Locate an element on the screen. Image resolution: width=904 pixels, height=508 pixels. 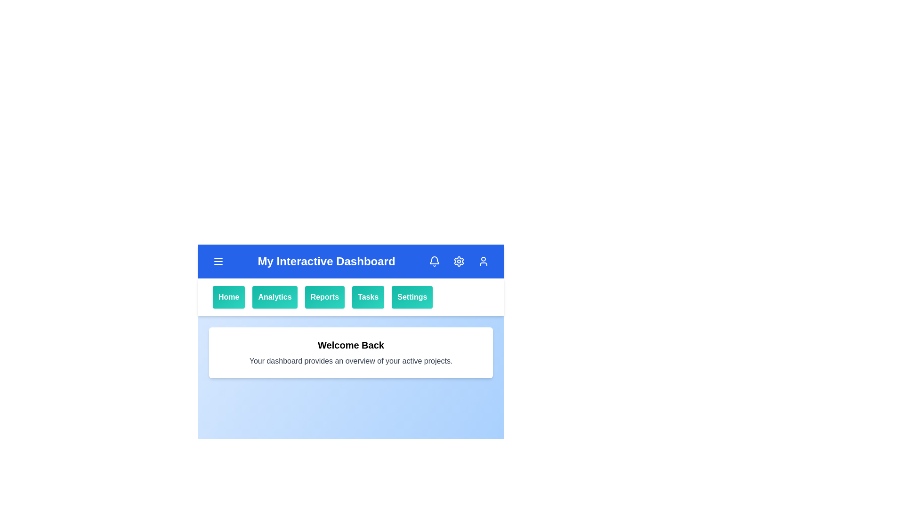
the user_icon to observe the hover effect is located at coordinates (484, 261).